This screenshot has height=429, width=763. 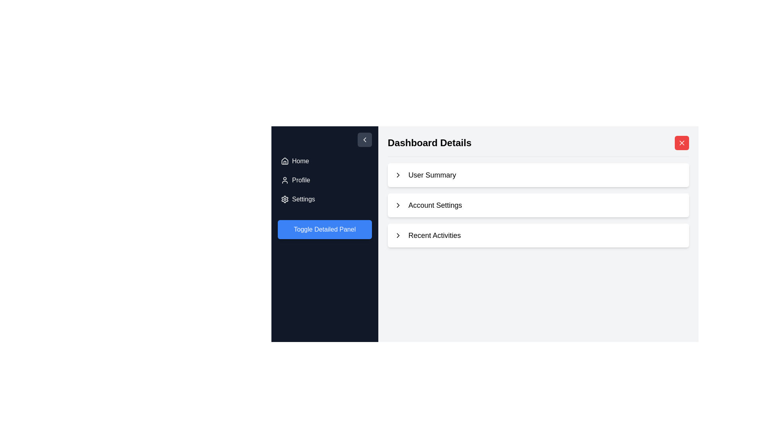 I want to click on the leftward-facing chevron icon button located at the top-right corner of the navigation panel, so click(x=364, y=139).